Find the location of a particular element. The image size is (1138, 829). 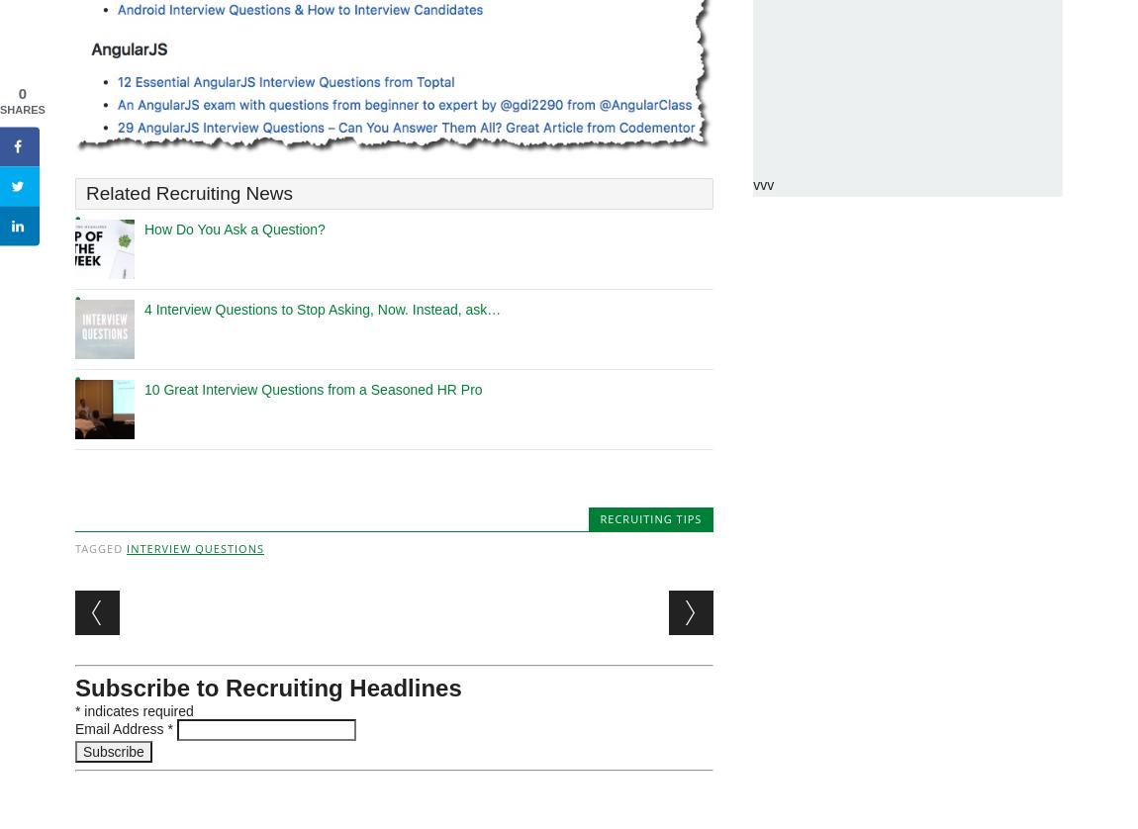

'Interview Questions' is located at coordinates (194, 548).